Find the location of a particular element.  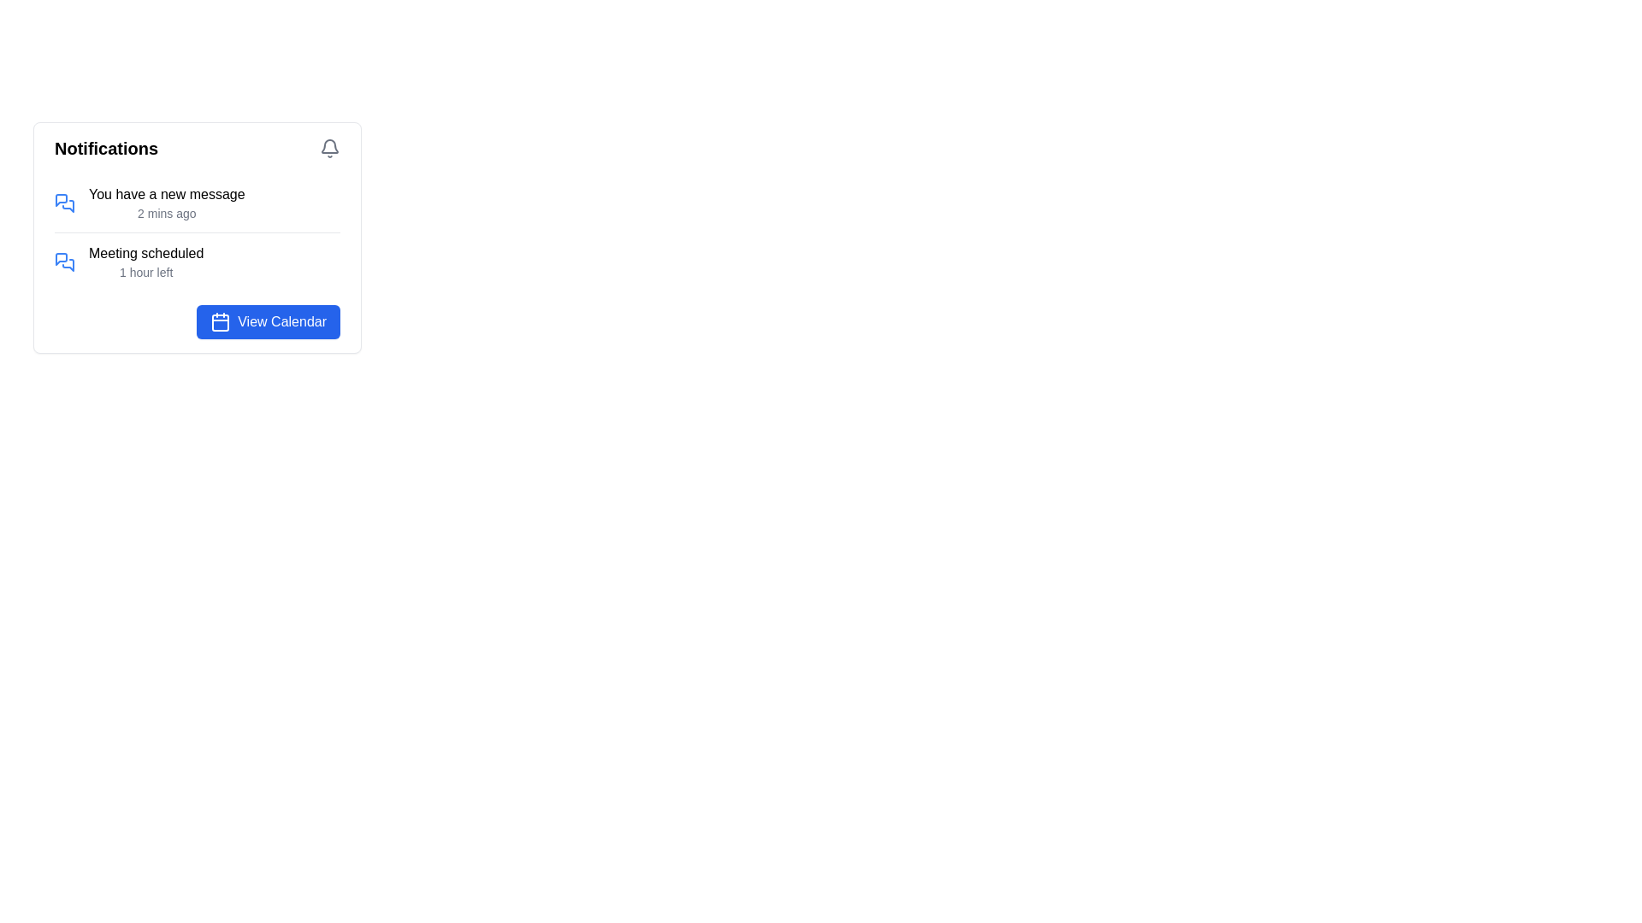

the rectangular button with a blue background and white text saying 'View Calendar' located in the bottom-right corner of the white notification panel is located at coordinates (267, 322).